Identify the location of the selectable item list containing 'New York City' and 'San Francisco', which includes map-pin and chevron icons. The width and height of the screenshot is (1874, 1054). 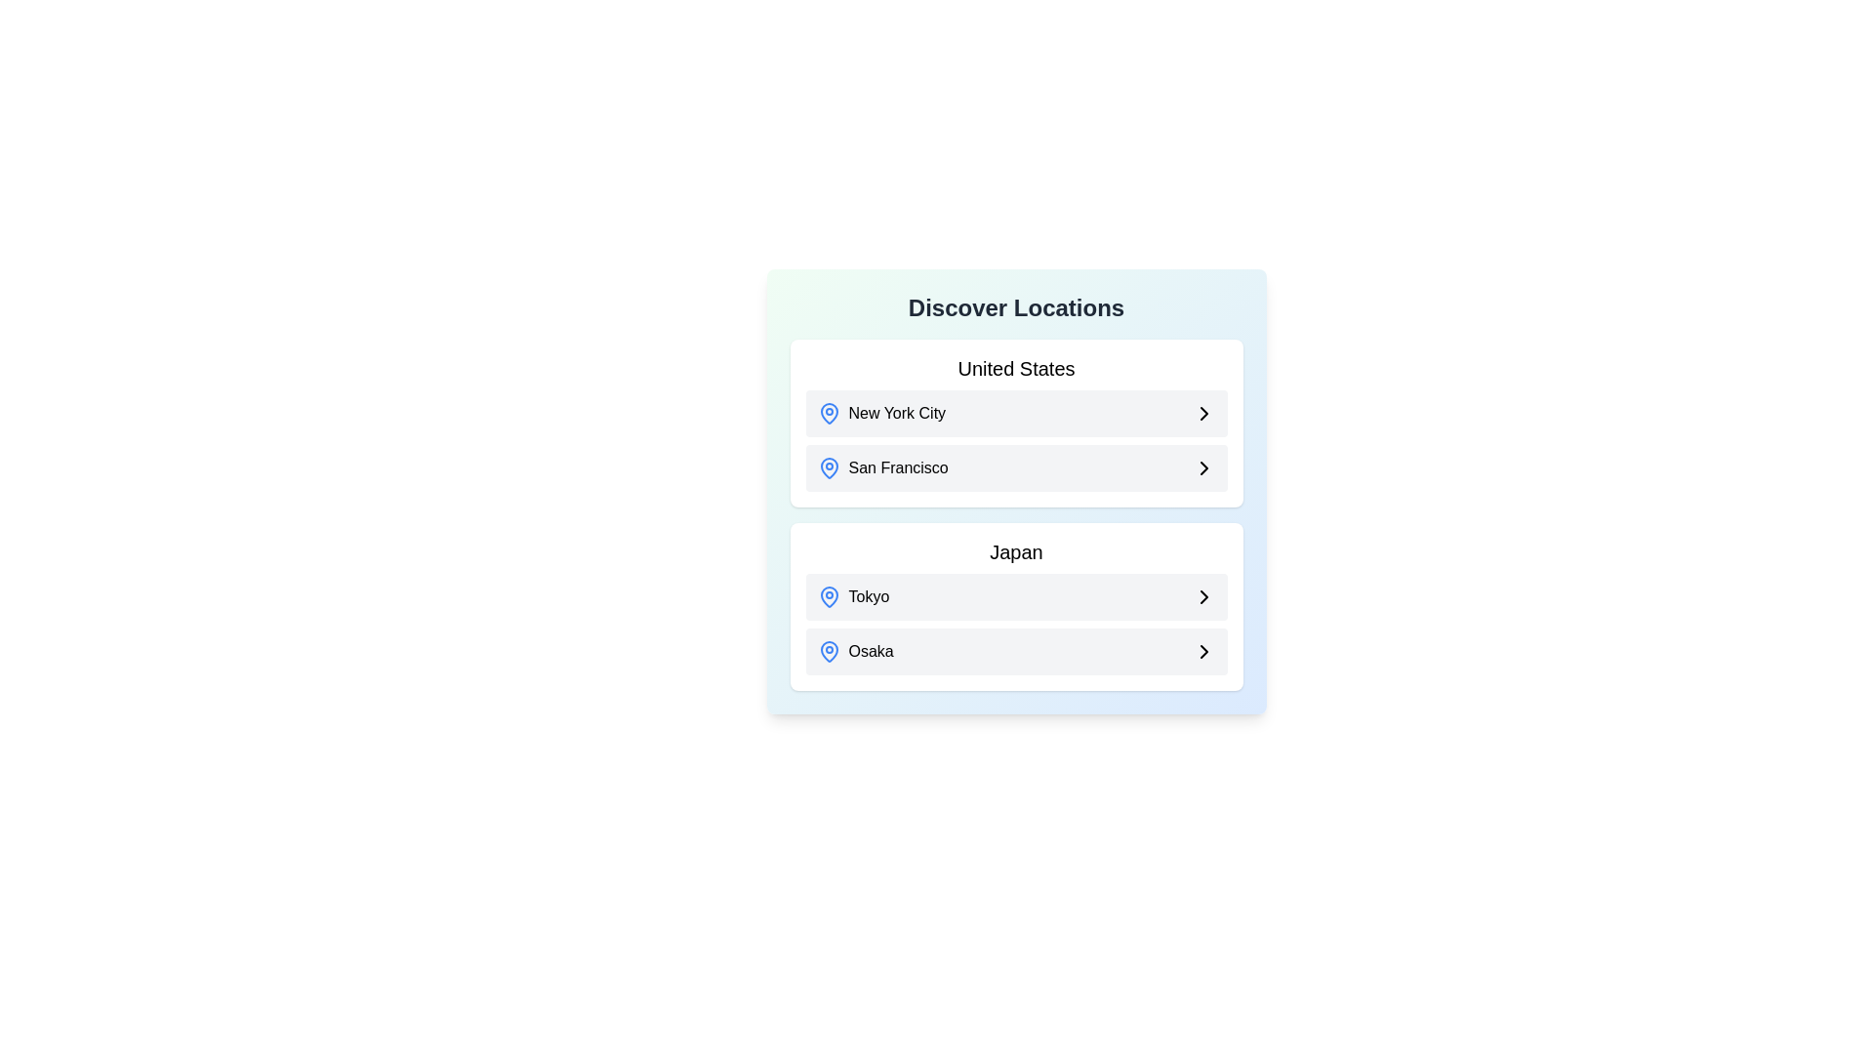
(1015, 440).